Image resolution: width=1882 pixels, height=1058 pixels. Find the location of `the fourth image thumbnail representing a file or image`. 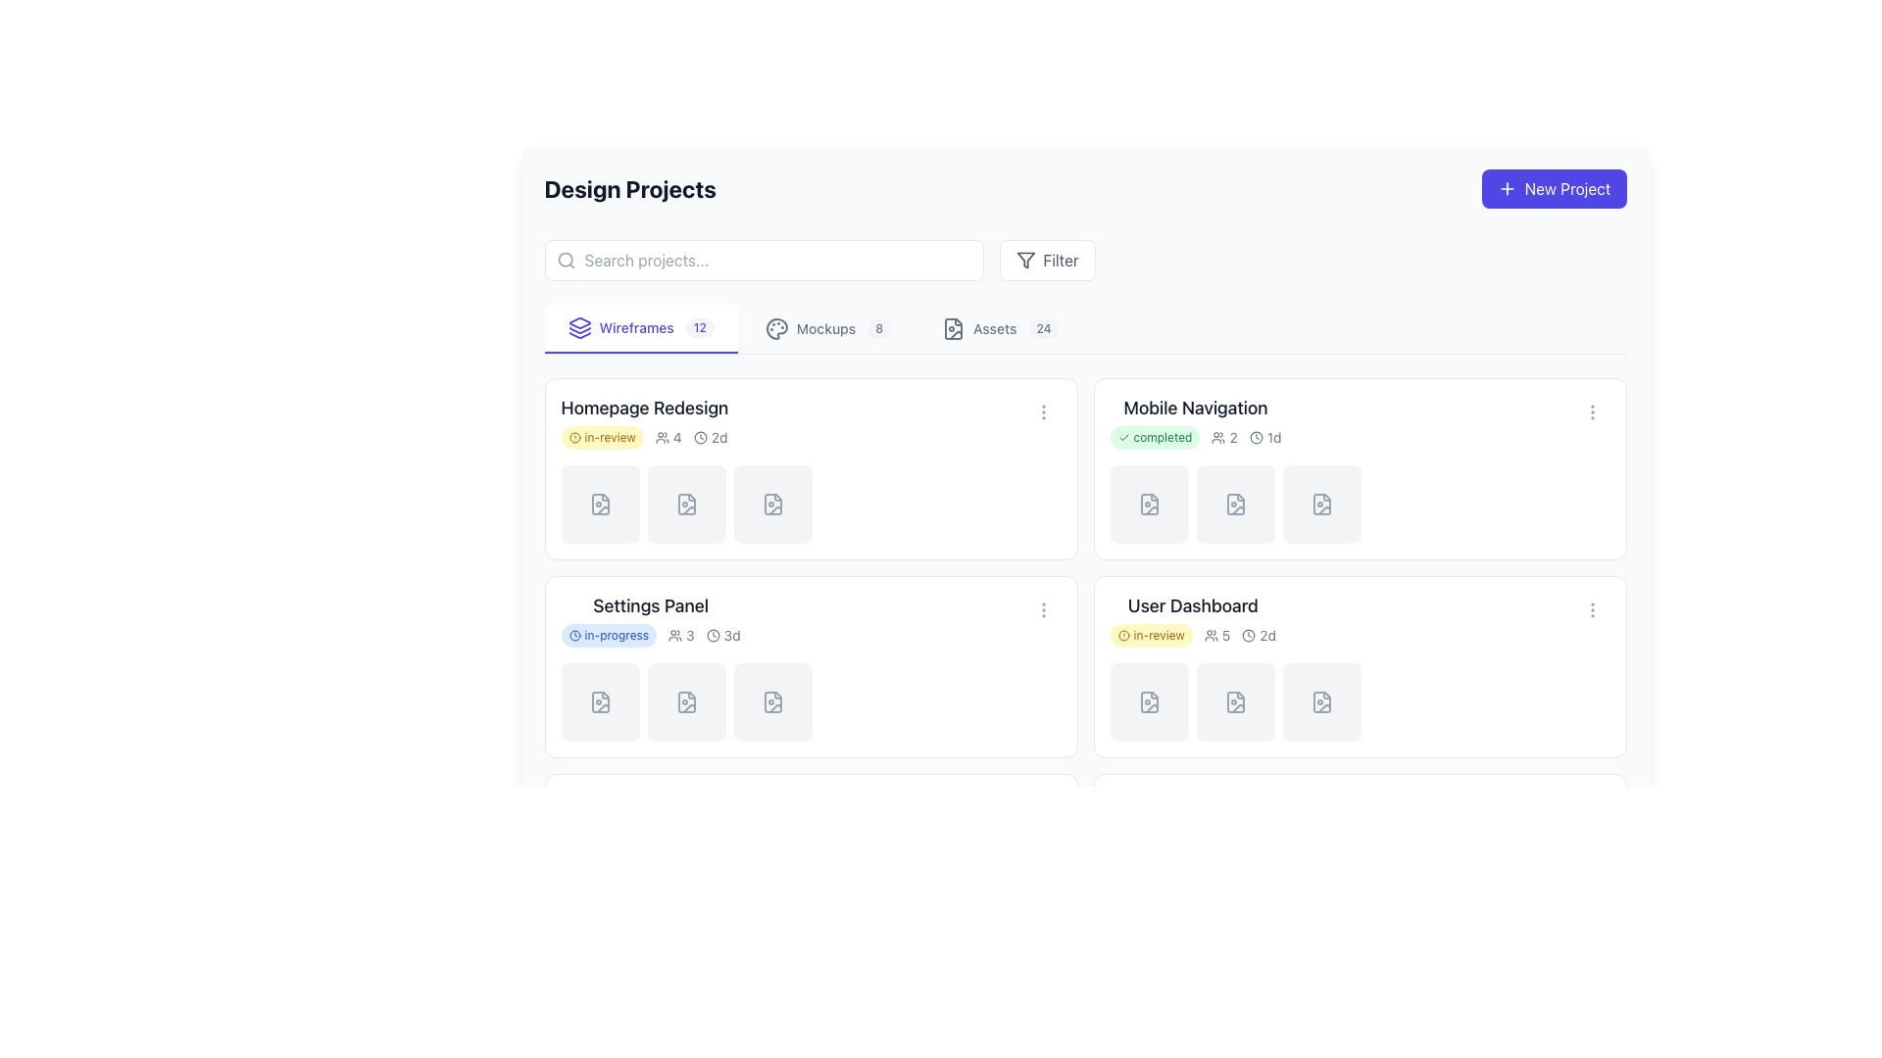

the fourth image thumbnail representing a file or image is located at coordinates (1359, 504).